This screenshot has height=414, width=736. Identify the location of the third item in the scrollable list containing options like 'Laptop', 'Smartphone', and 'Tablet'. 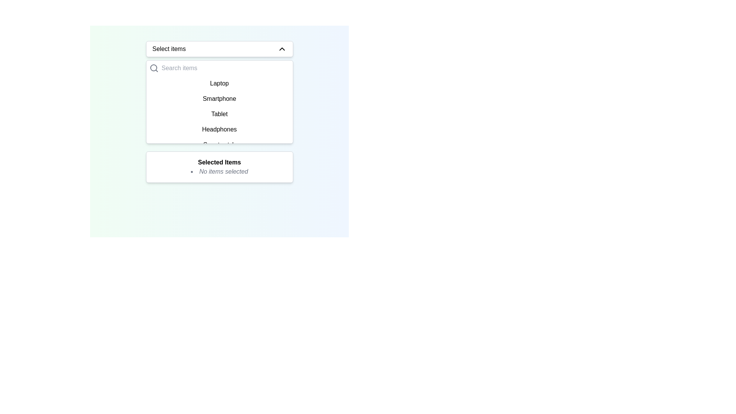
(219, 109).